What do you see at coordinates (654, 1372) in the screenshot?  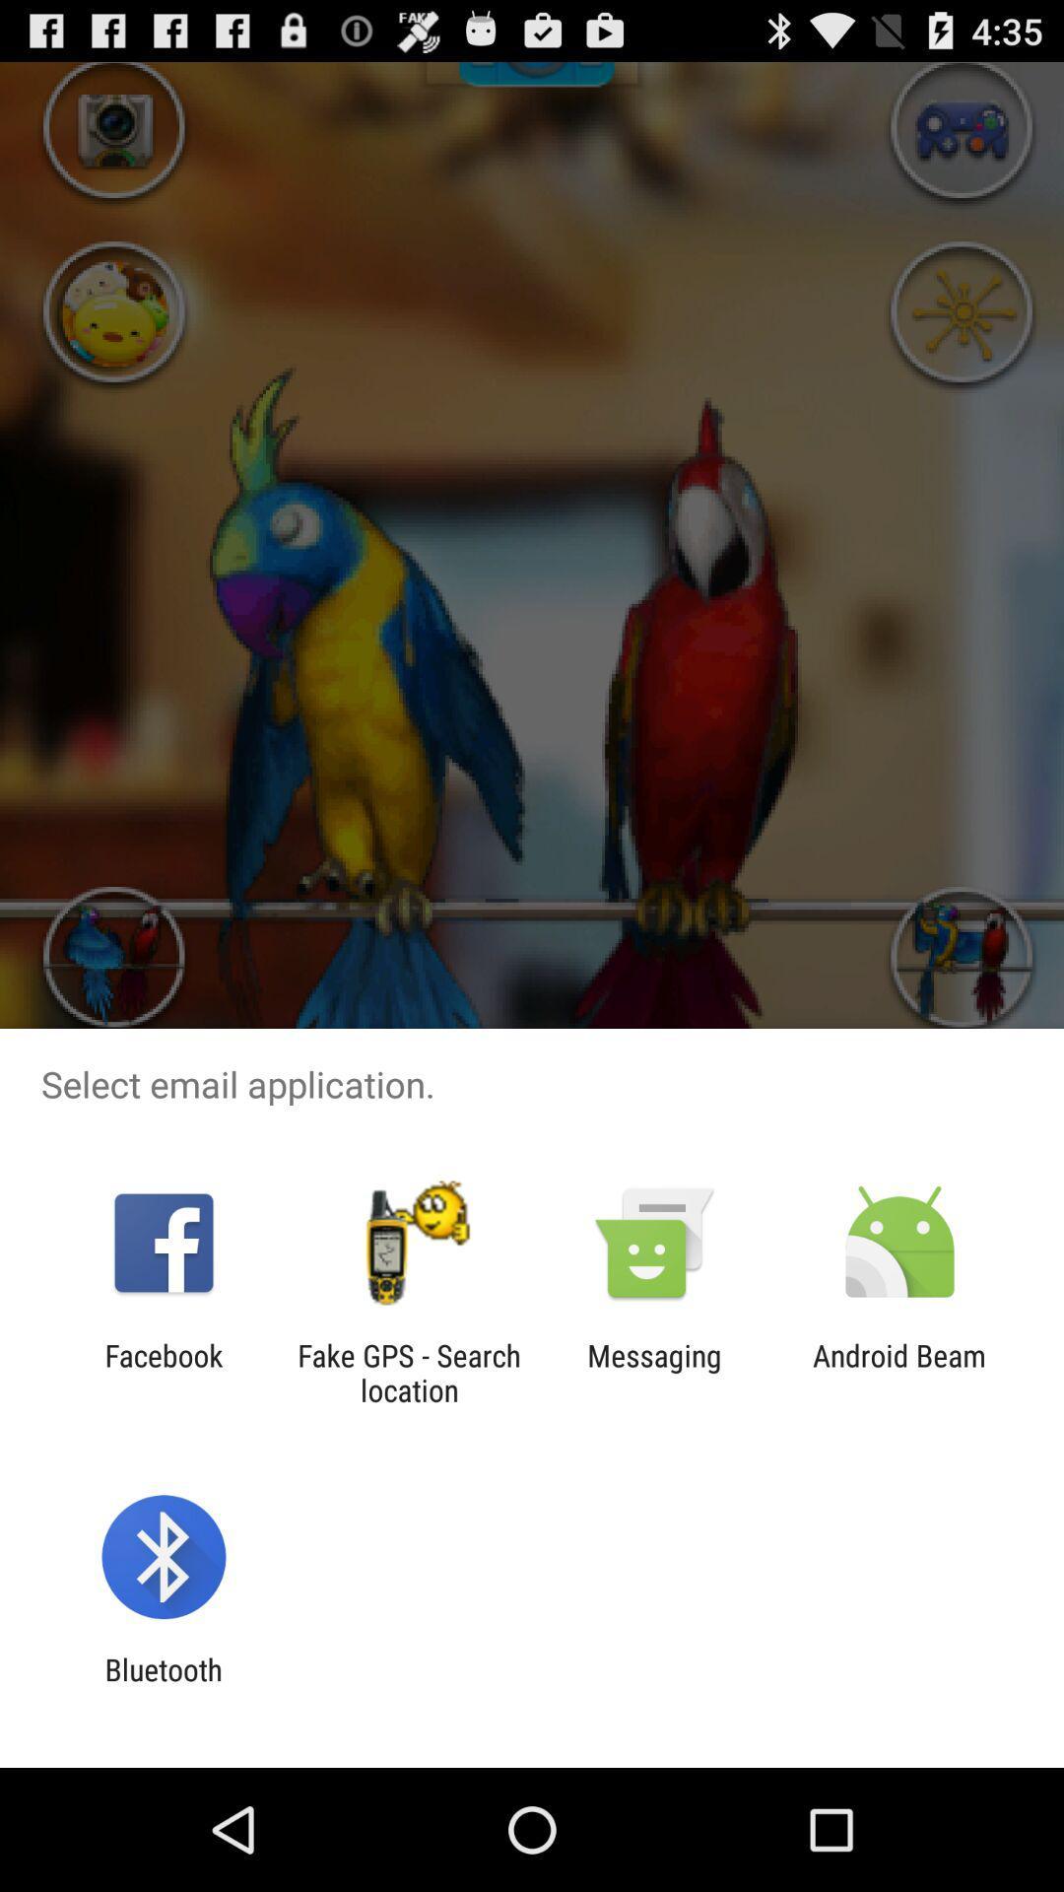 I see `the messaging item` at bounding box center [654, 1372].